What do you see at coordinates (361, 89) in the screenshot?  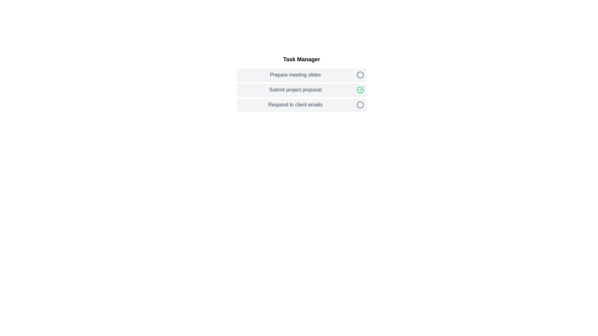 I see `the checkmark icon that indicates a completed status for the 'Submit project proposal' task in the task list` at bounding box center [361, 89].